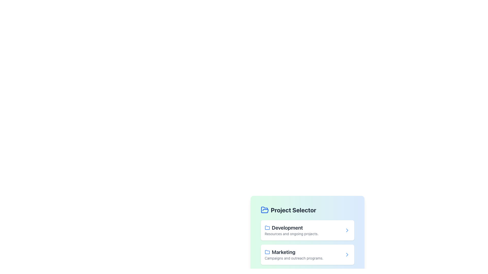 This screenshot has width=488, height=274. What do you see at coordinates (294, 258) in the screenshot?
I see `the text element that reads 'Campaigns and outreach programs.' which is styled in a small font size and gray color, located below the bold 'Marketing' text in the Project Selector interface` at bounding box center [294, 258].